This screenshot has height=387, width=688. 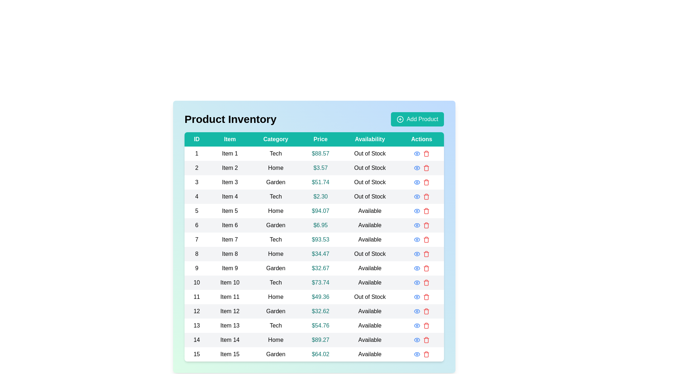 What do you see at coordinates (320, 139) in the screenshot?
I see `the Price header to sort the table by that column` at bounding box center [320, 139].